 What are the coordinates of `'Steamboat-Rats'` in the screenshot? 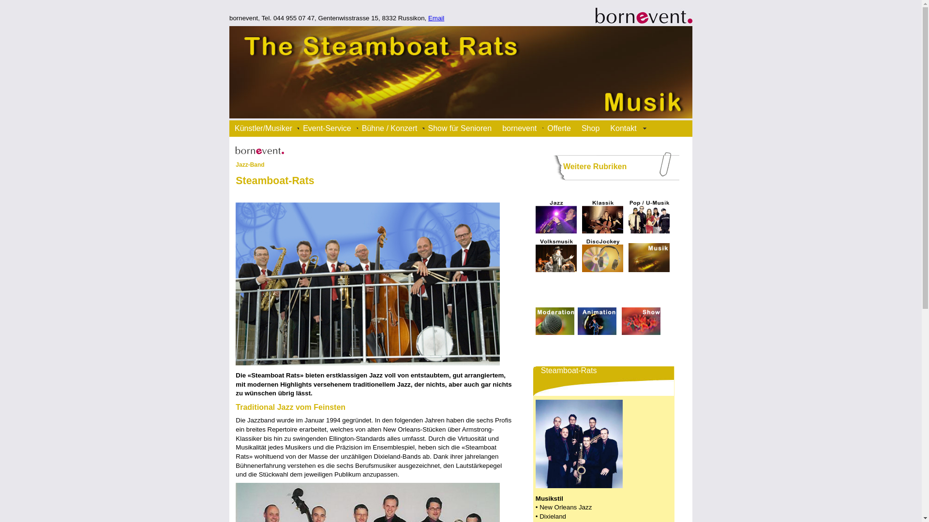 It's located at (579, 444).